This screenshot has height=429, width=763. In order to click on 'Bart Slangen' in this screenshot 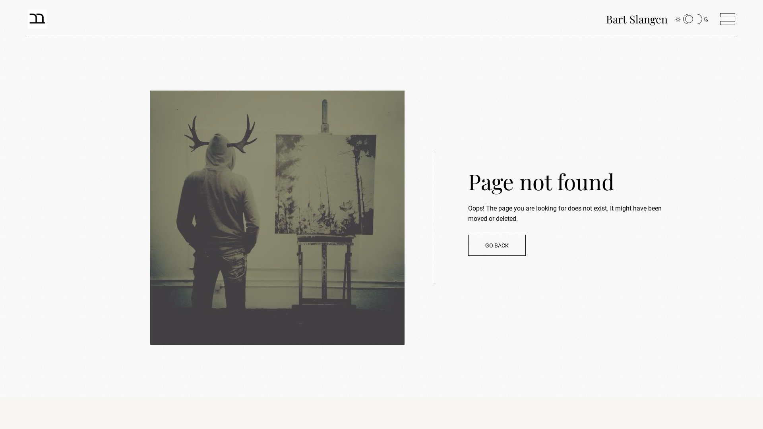, I will do `click(637, 18)`.